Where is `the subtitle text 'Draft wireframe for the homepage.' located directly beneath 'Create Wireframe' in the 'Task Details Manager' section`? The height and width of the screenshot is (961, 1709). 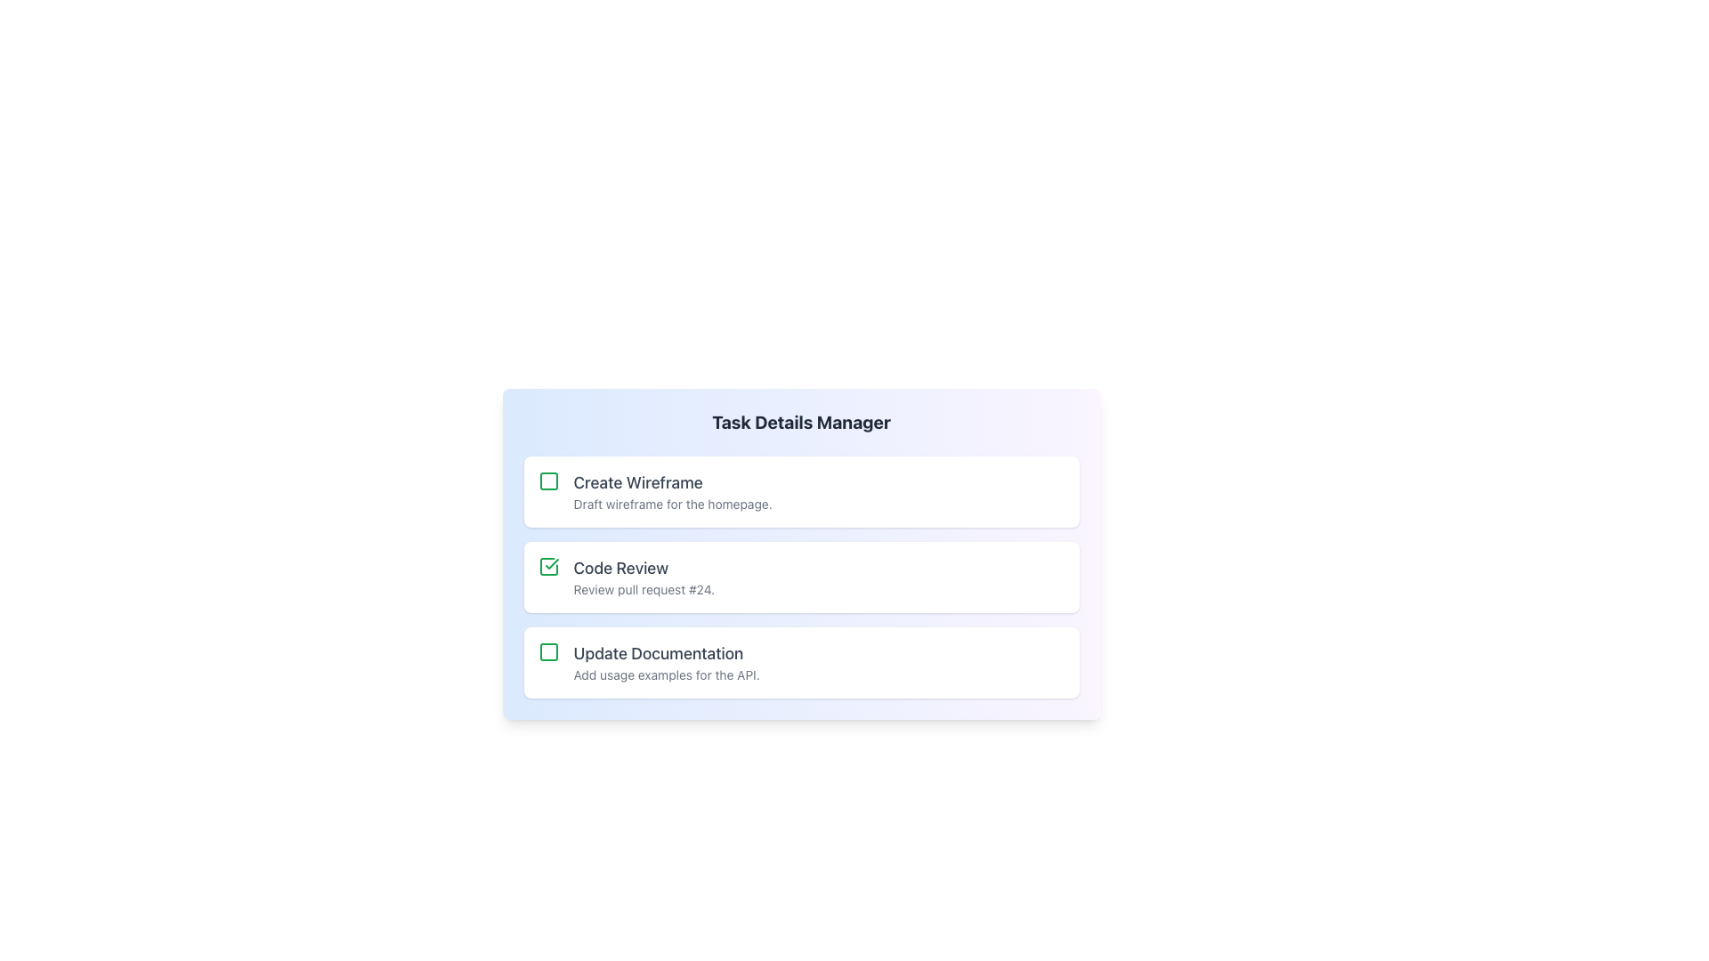 the subtitle text 'Draft wireframe for the homepage.' located directly beneath 'Create Wireframe' in the 'Task Details Manager' section is located at coordinates (672, 505).